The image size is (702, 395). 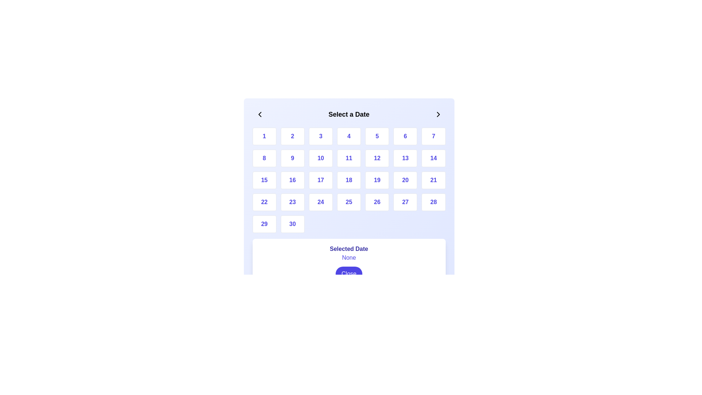 What do you see at coordinates (292, 202) in the screenshot?
I see `the rounded rectangular button displaying the bold blue text '23'` at bounding box center [292, 202].